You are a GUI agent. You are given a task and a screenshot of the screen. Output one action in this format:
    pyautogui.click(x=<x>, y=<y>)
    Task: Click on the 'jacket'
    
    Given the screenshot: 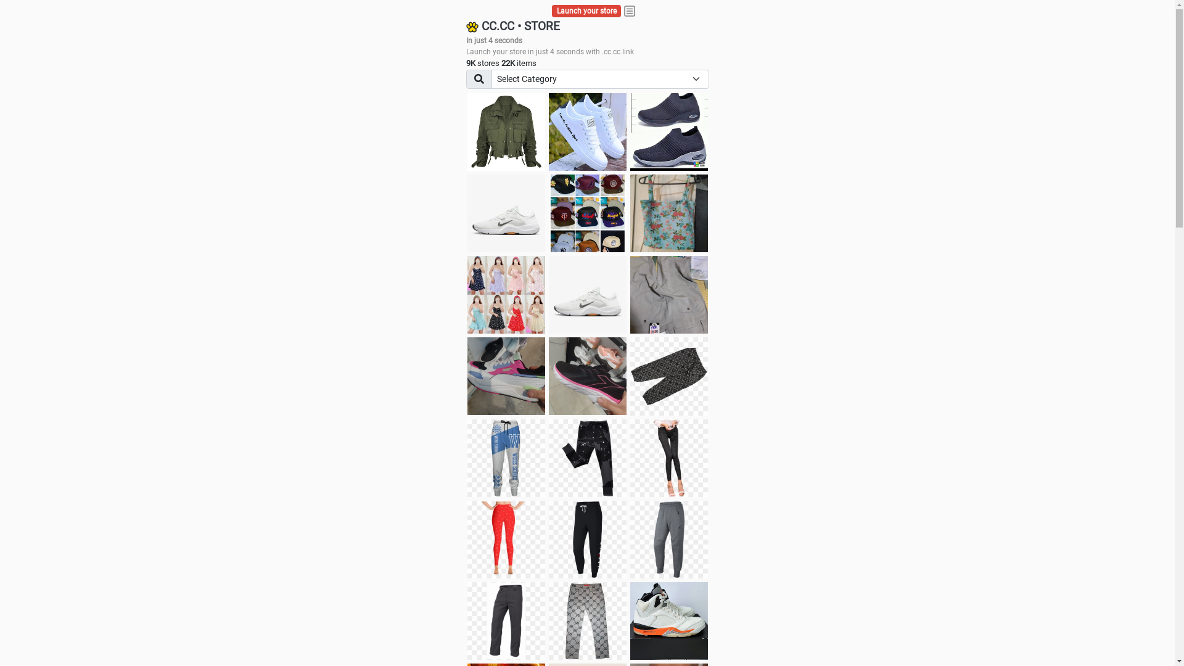 What is the action you would take?
    pyautogui.click(x=506, y=131)
    